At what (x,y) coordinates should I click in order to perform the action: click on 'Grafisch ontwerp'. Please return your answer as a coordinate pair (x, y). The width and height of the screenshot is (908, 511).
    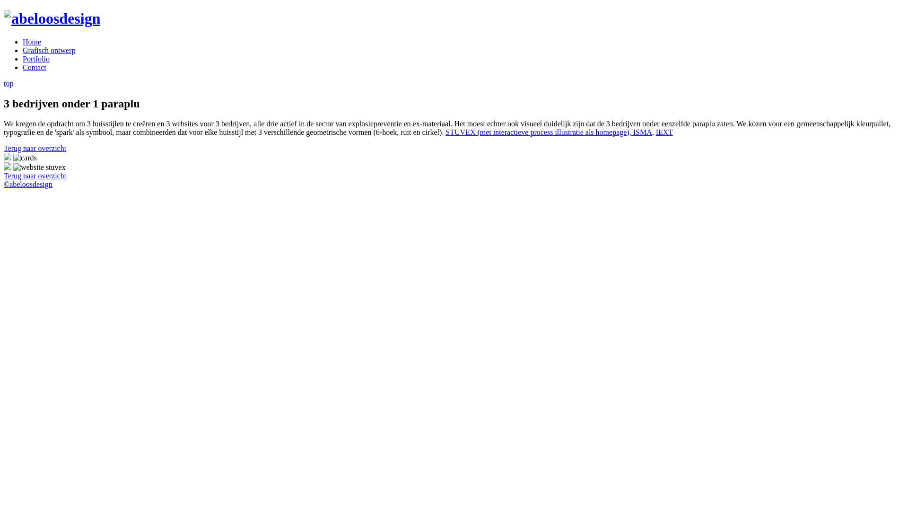
    Looking at the image, I should click on (49, 50).